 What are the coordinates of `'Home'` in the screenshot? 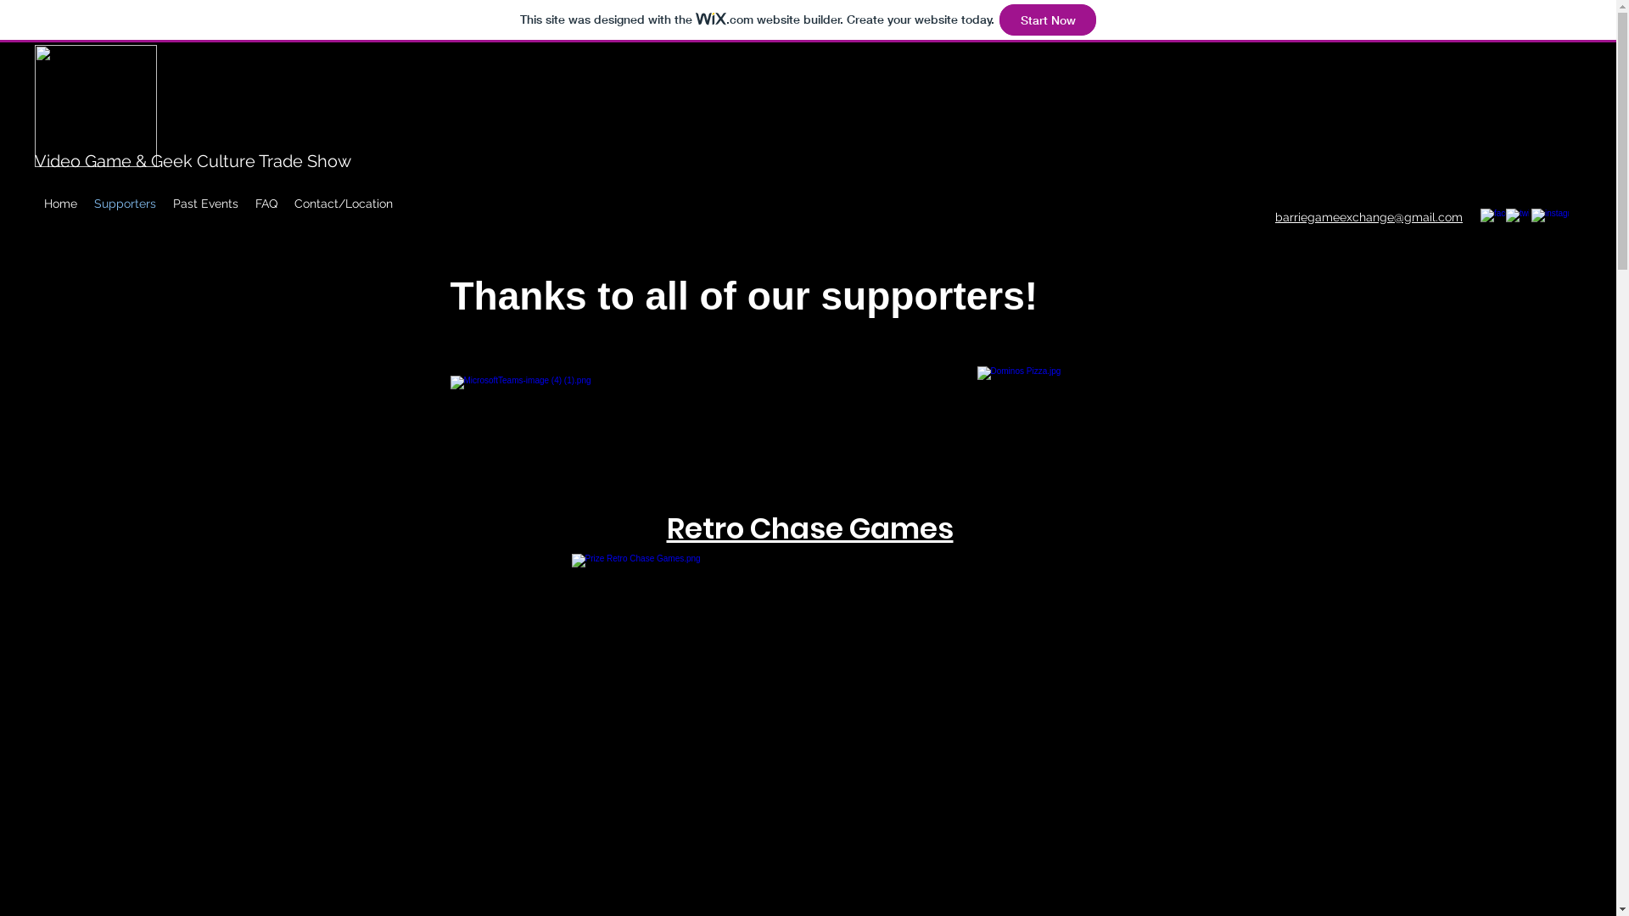 It's located at (60, 202).